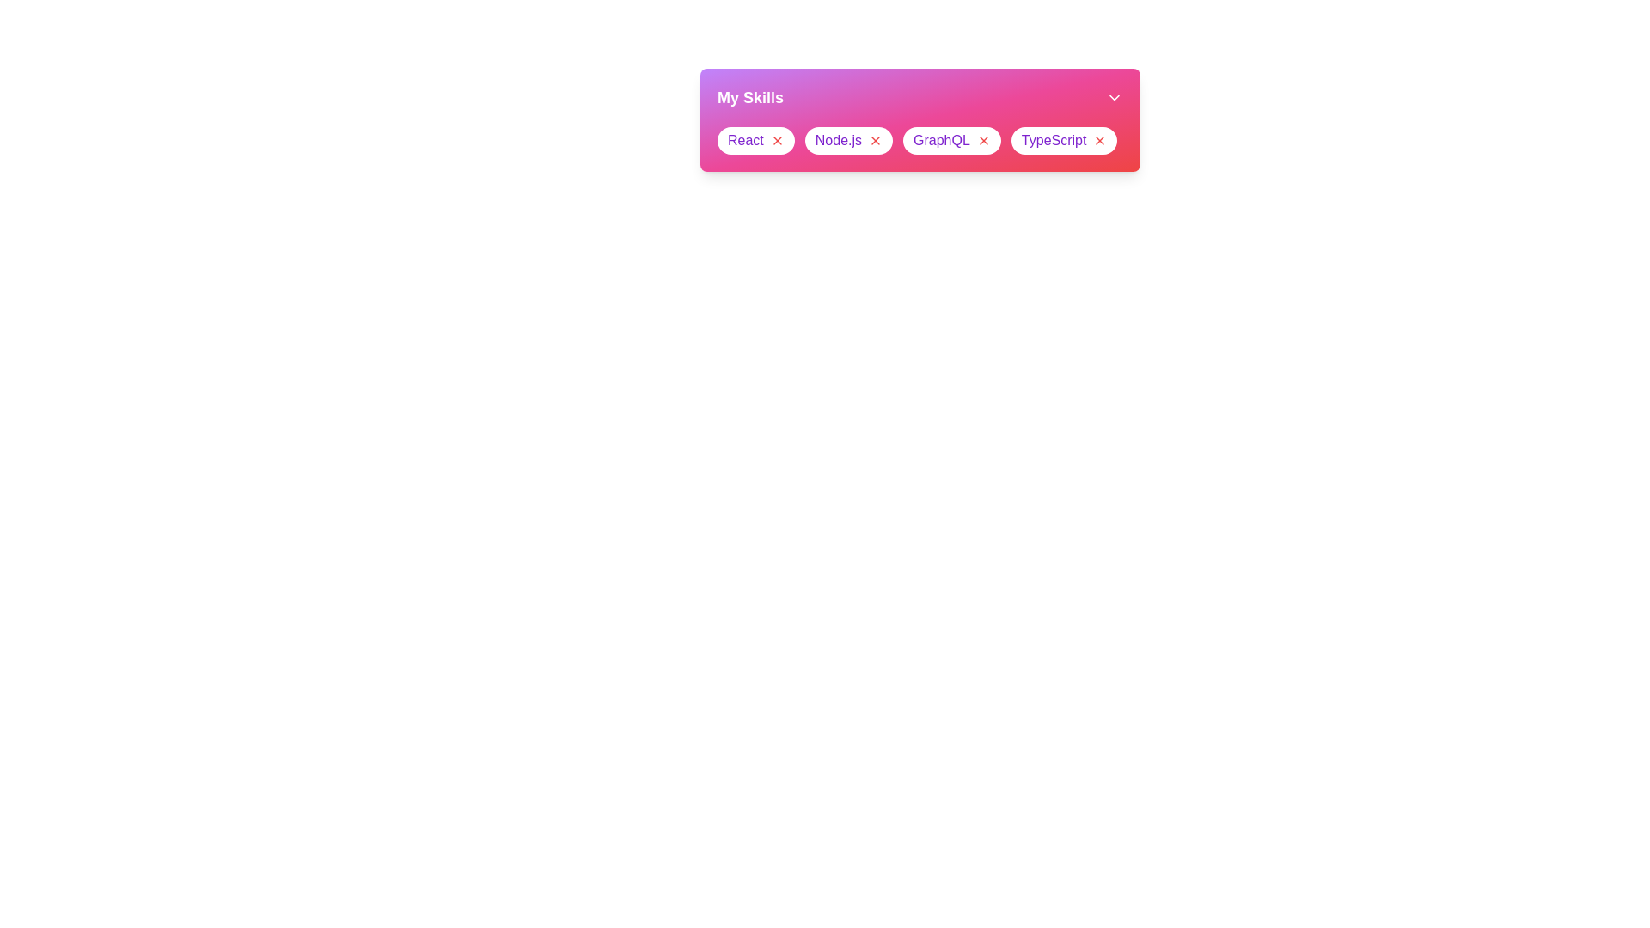  Describe the element at coordinates (1053, 140) in the screenshot. I see `the skill text TypeScript to focus or select it` at that location.